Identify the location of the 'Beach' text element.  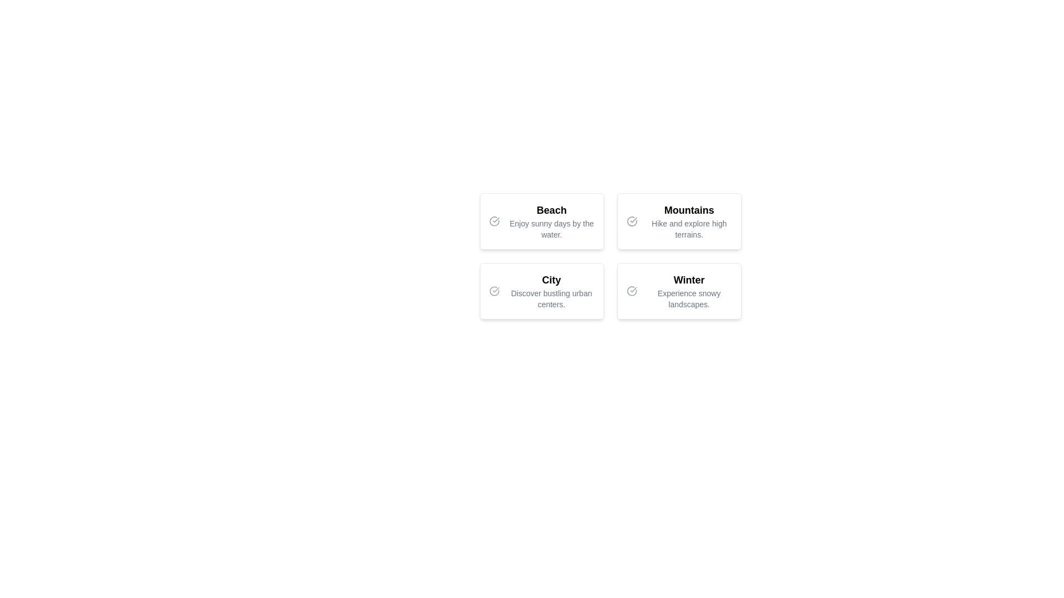
(551, 221).